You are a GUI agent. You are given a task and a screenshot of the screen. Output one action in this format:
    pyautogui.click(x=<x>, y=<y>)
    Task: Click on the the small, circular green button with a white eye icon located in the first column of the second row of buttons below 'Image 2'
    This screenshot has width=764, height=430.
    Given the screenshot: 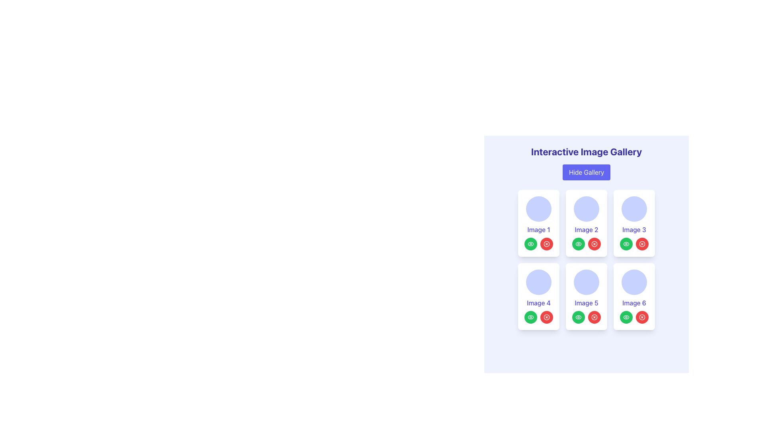 What is the action you would take?
    pyautogui.click(x=579, y=244)
    